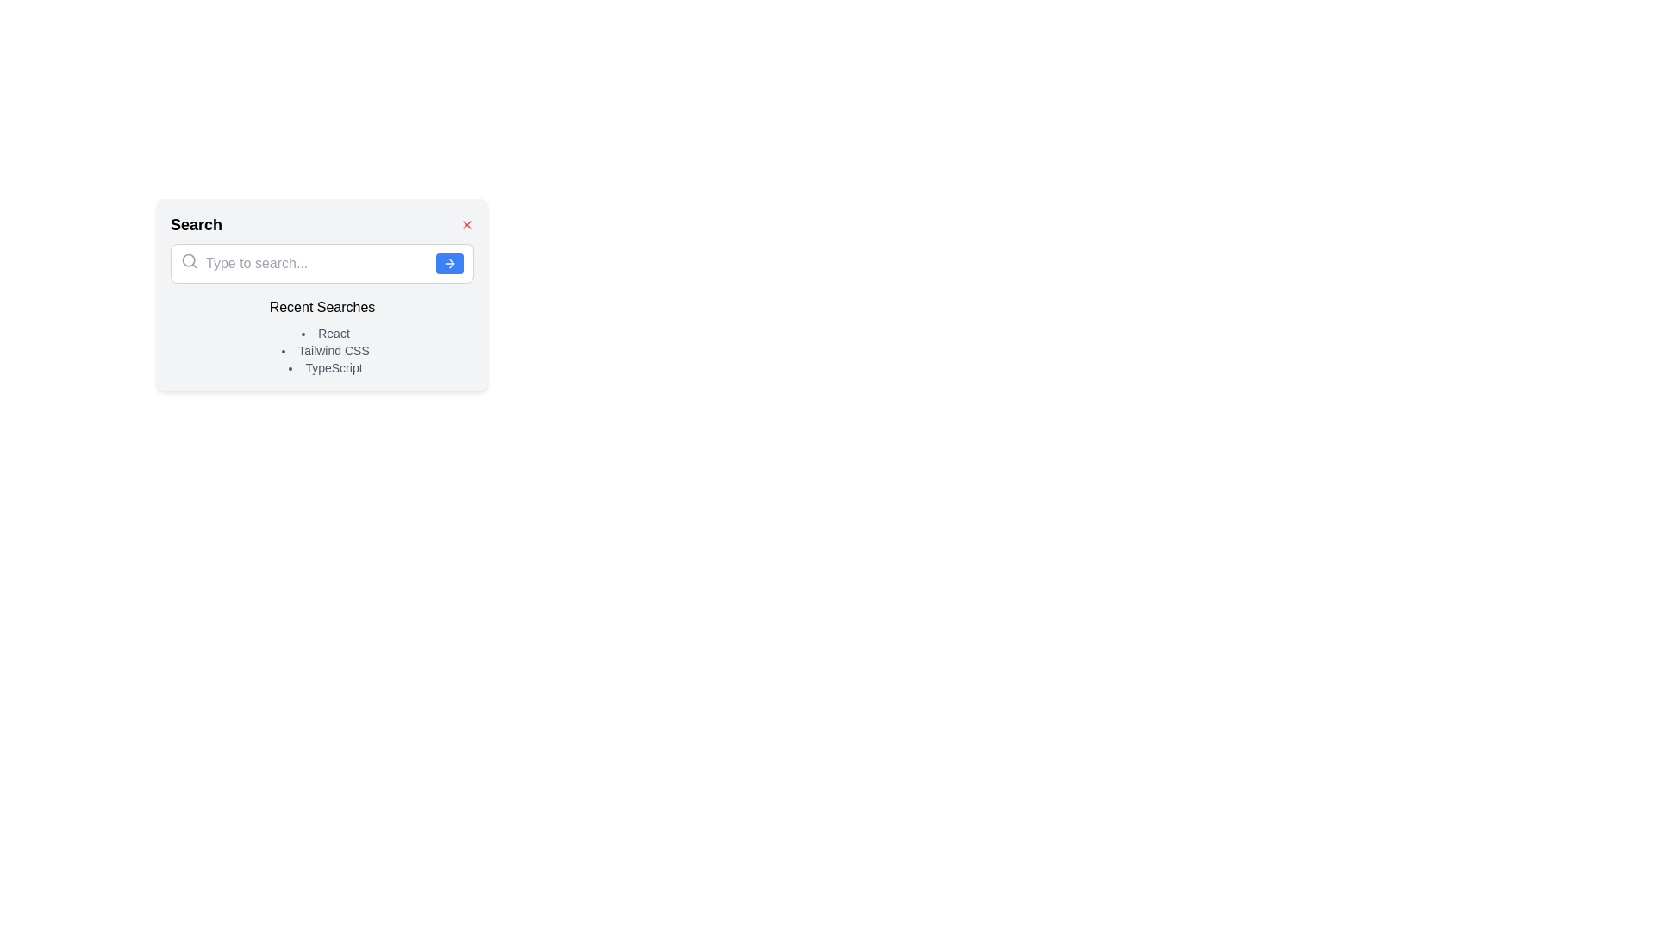 The width and height of the screenshot is (1655, 931). What do you see at coordinates (322, 307) in the screenshot?
I see `the 'Recent Searches' text label, which is a bold medium-sized font positioned above a bulleted list and below a search bar` at bounding box center [322, 307].